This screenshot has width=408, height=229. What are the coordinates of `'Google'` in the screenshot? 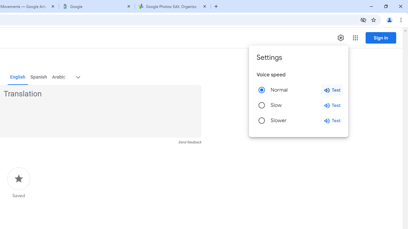 It's located at (97, 6).